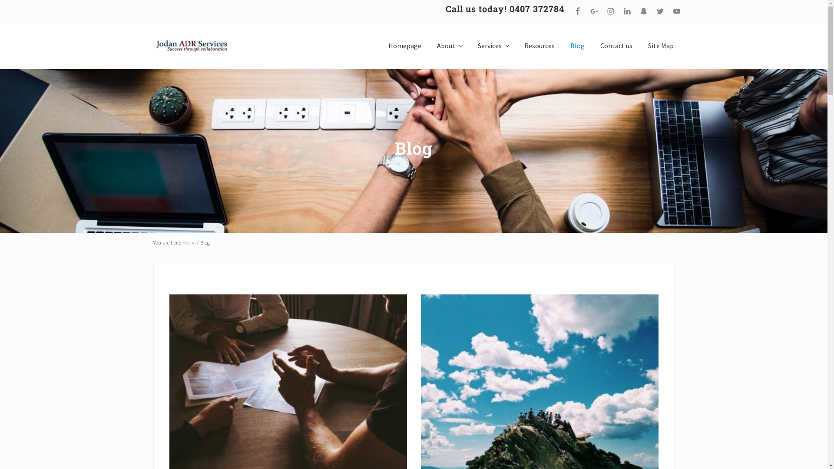 Image resolution: width=834 pixels, height=469 pixels. I want to click on 'Services', so click(470, 45).